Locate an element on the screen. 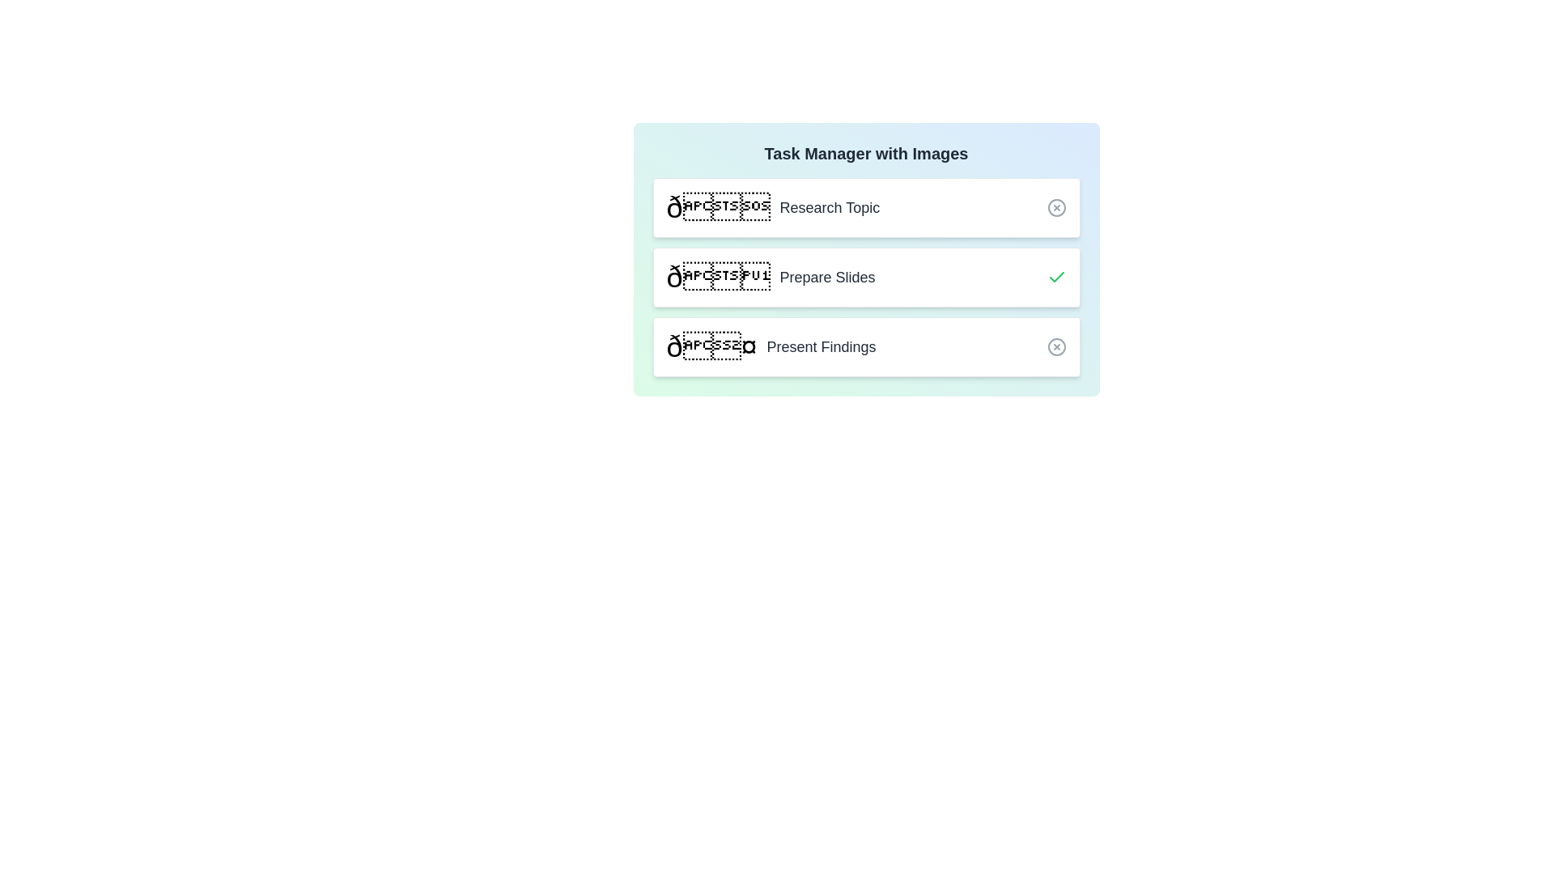 The height and width of the screenshot is (874, 1554). the image of the task titled Present Findings is located at coordinates (711, 346).